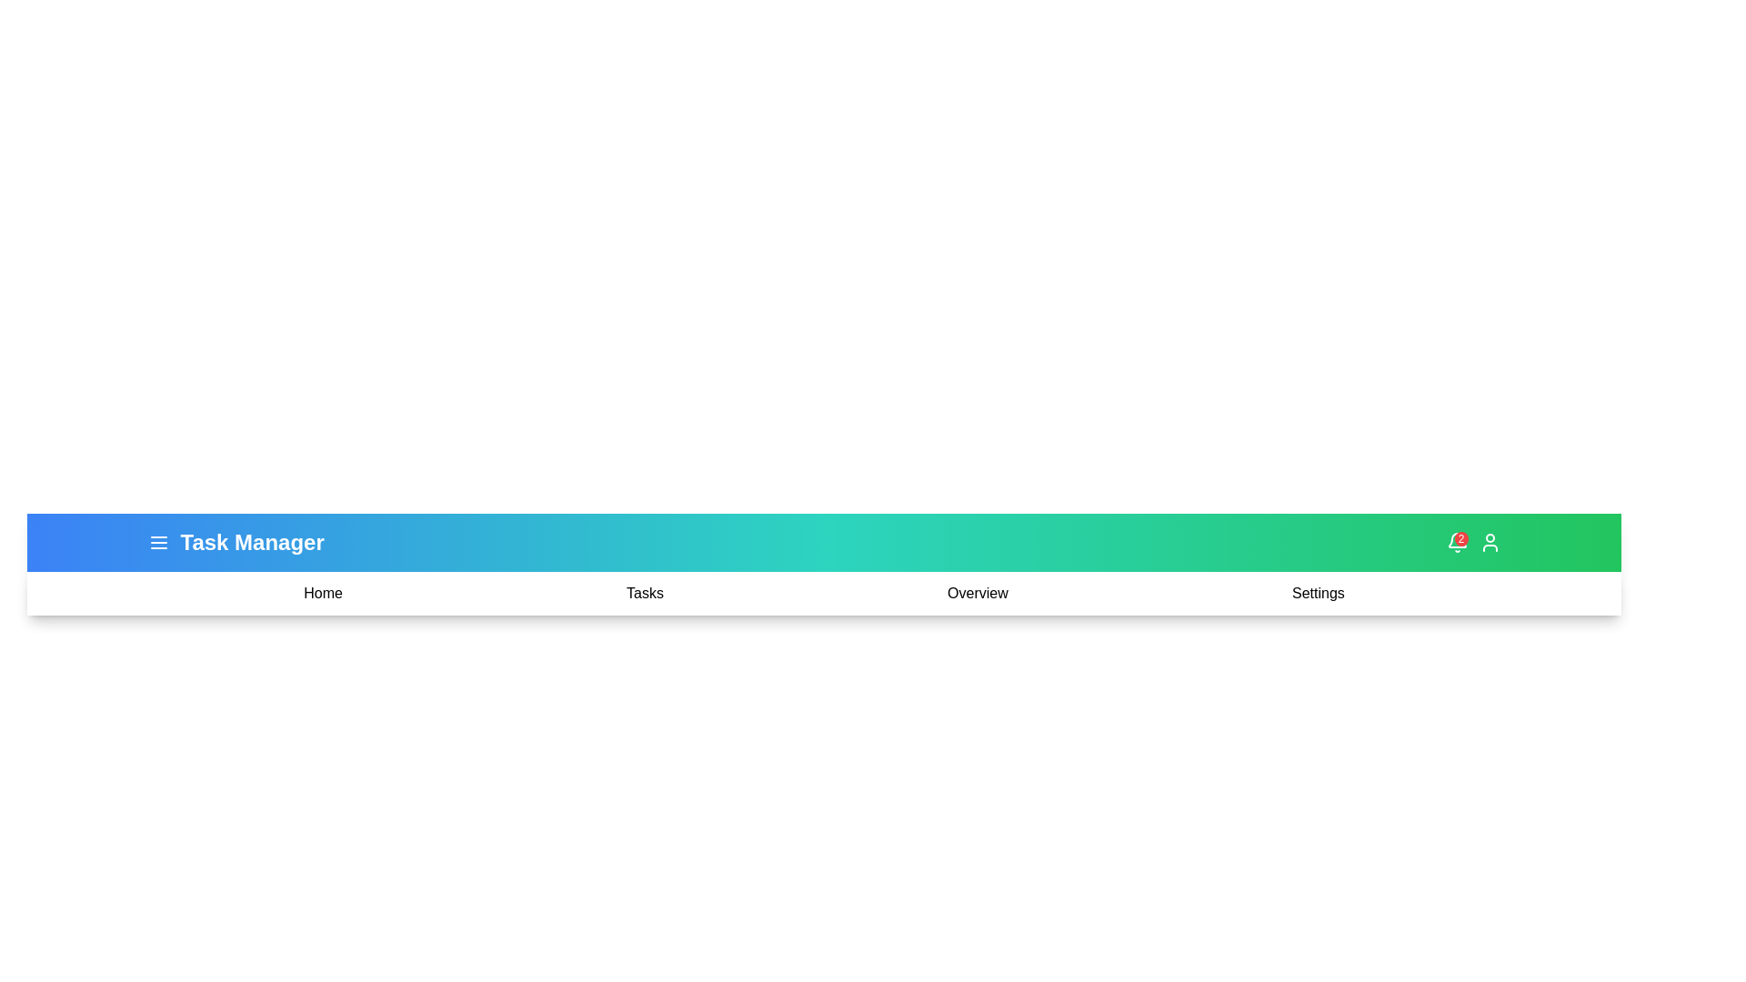 The height and width of the screenshot is (982, 1746). I want to click on the menu item Settings to navigate to the corresponding section, so click(1318, 593).